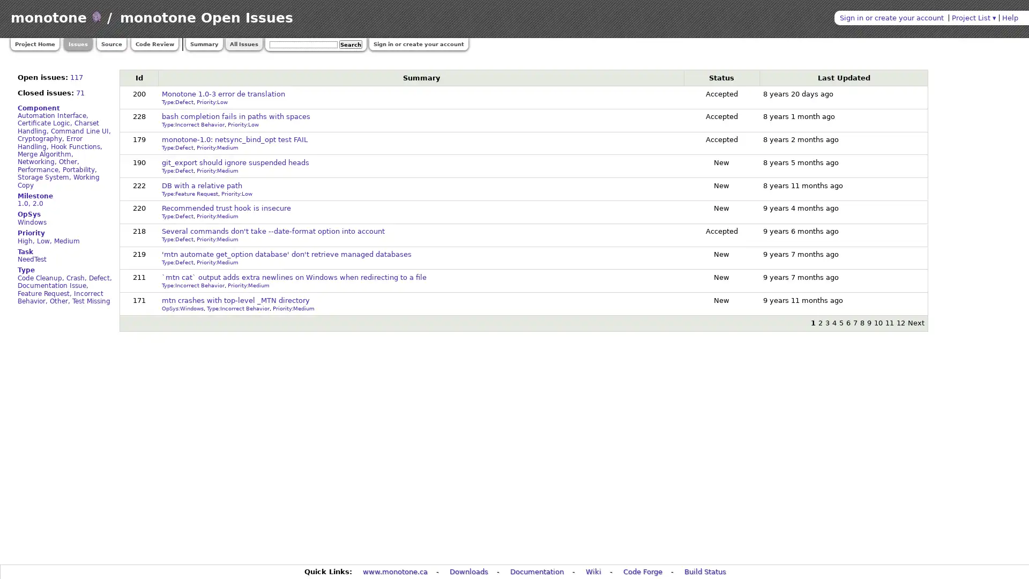 Image resolution: width=1029 pixels, height=579 pixels. I want to click on Search, so click(351, 44).